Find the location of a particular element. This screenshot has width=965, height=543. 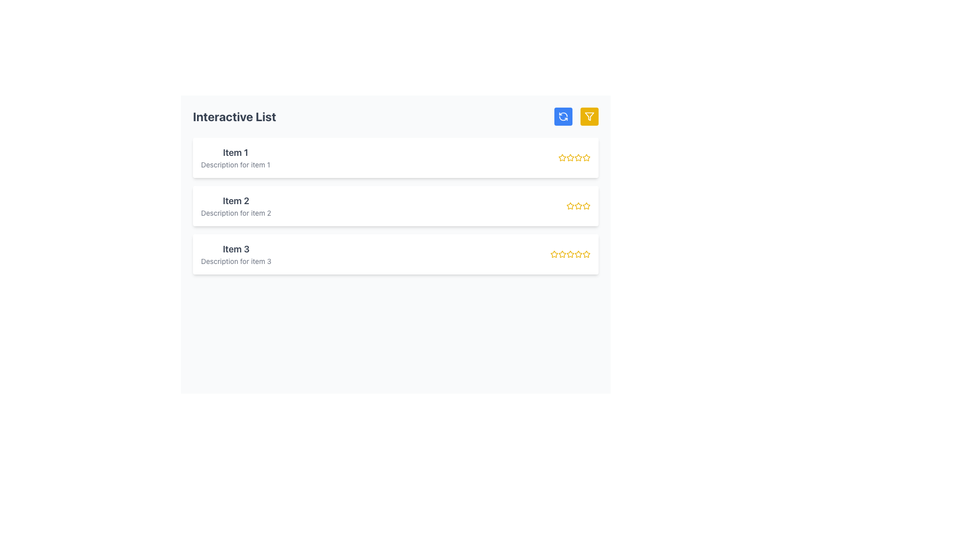

the first yellow star icon in the 5-star rating system to rate 'Item 1' is located at coordinates (570, 157).